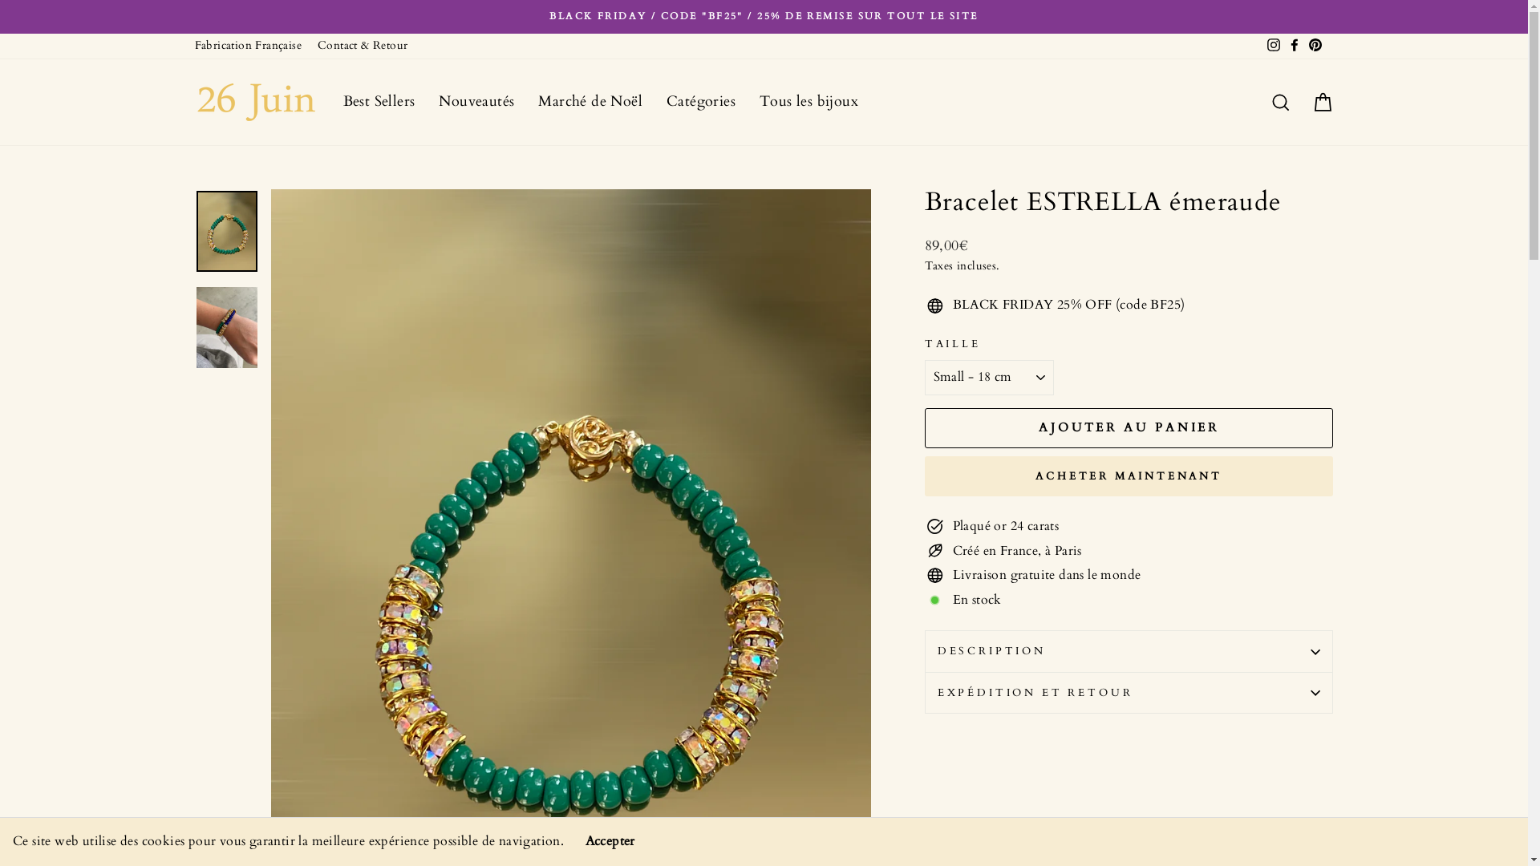 The height and width of the screenshot is (866, 1540). I want to click on 'Panier', so click(1321, 102).